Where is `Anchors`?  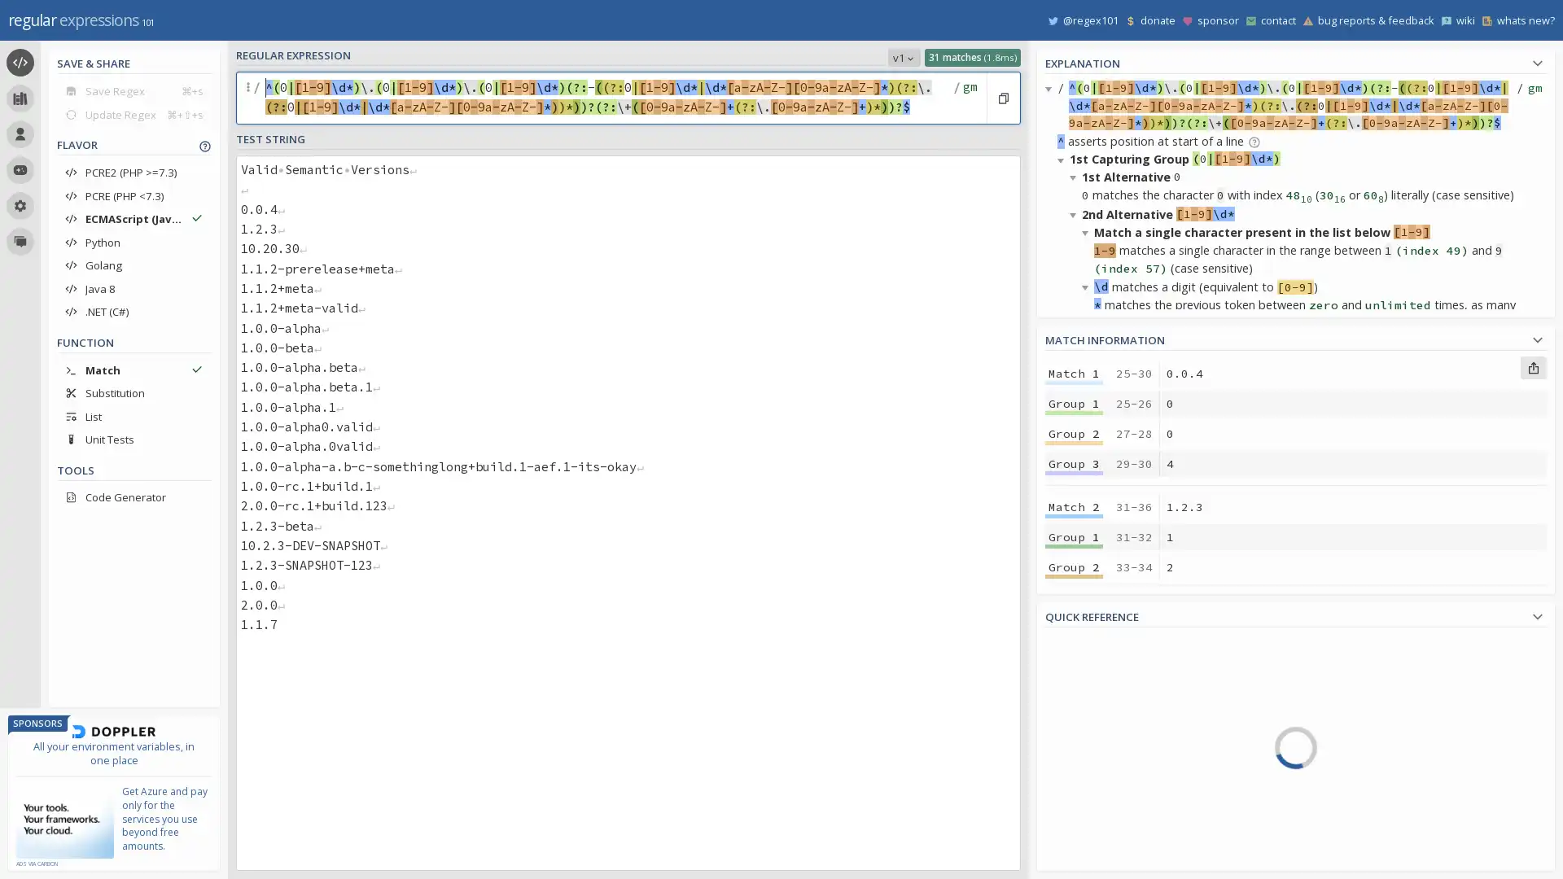
Anchors is located at coordinates (1121, 745).